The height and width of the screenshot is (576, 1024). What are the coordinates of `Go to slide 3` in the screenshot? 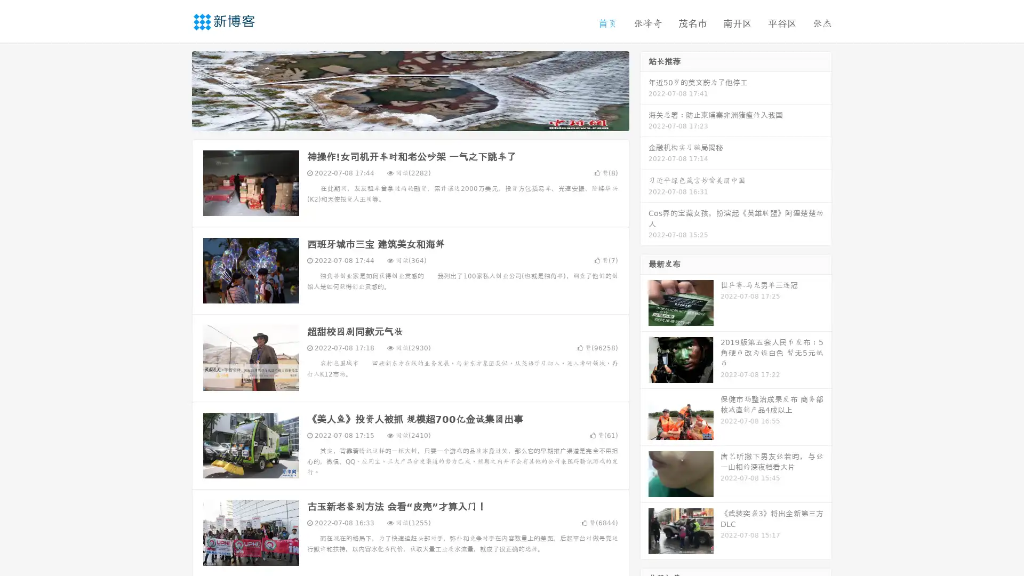 It's located at (421, 120).